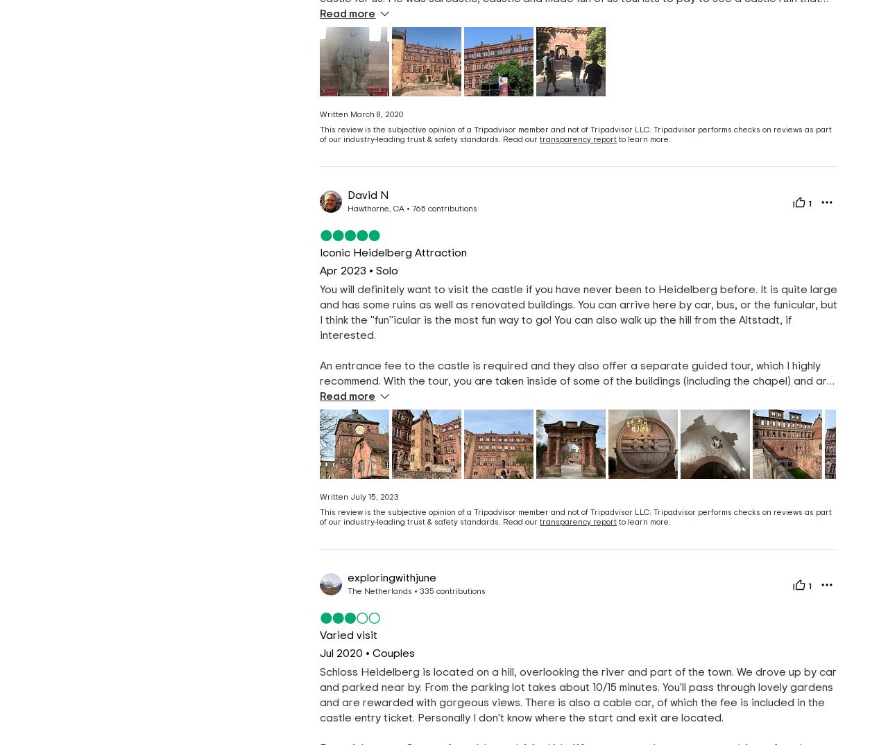  What do you see at coordinates (452, 591) in the screenshot?
I see `'335 contributions'` at bounding box center [452, 591].